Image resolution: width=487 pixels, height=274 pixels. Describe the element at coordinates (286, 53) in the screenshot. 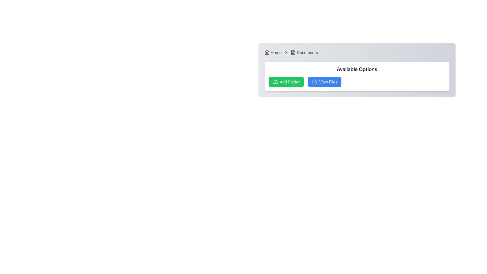

I see `the visual separator icon in the breadcrumb navigation located between 'Home' and 'Documents'` at that location.